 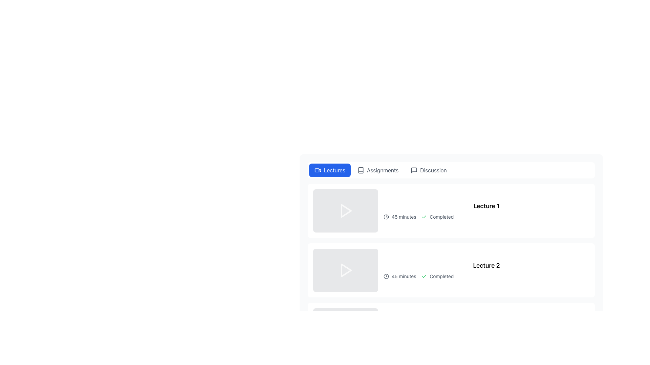 I want to click on the completion indicator icon located between the '45 minutes' text and the 'Completed' text in the lecture information row for 'Lecture 1', so click(x=424, y=276).